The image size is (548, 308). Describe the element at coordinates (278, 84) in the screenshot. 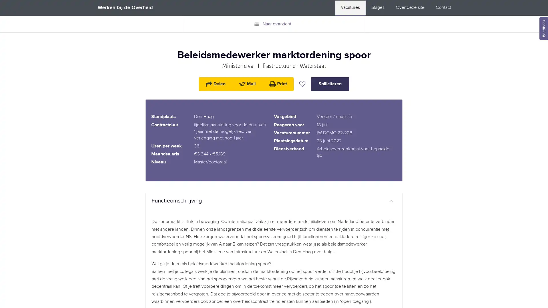

I see `Print` at that location.